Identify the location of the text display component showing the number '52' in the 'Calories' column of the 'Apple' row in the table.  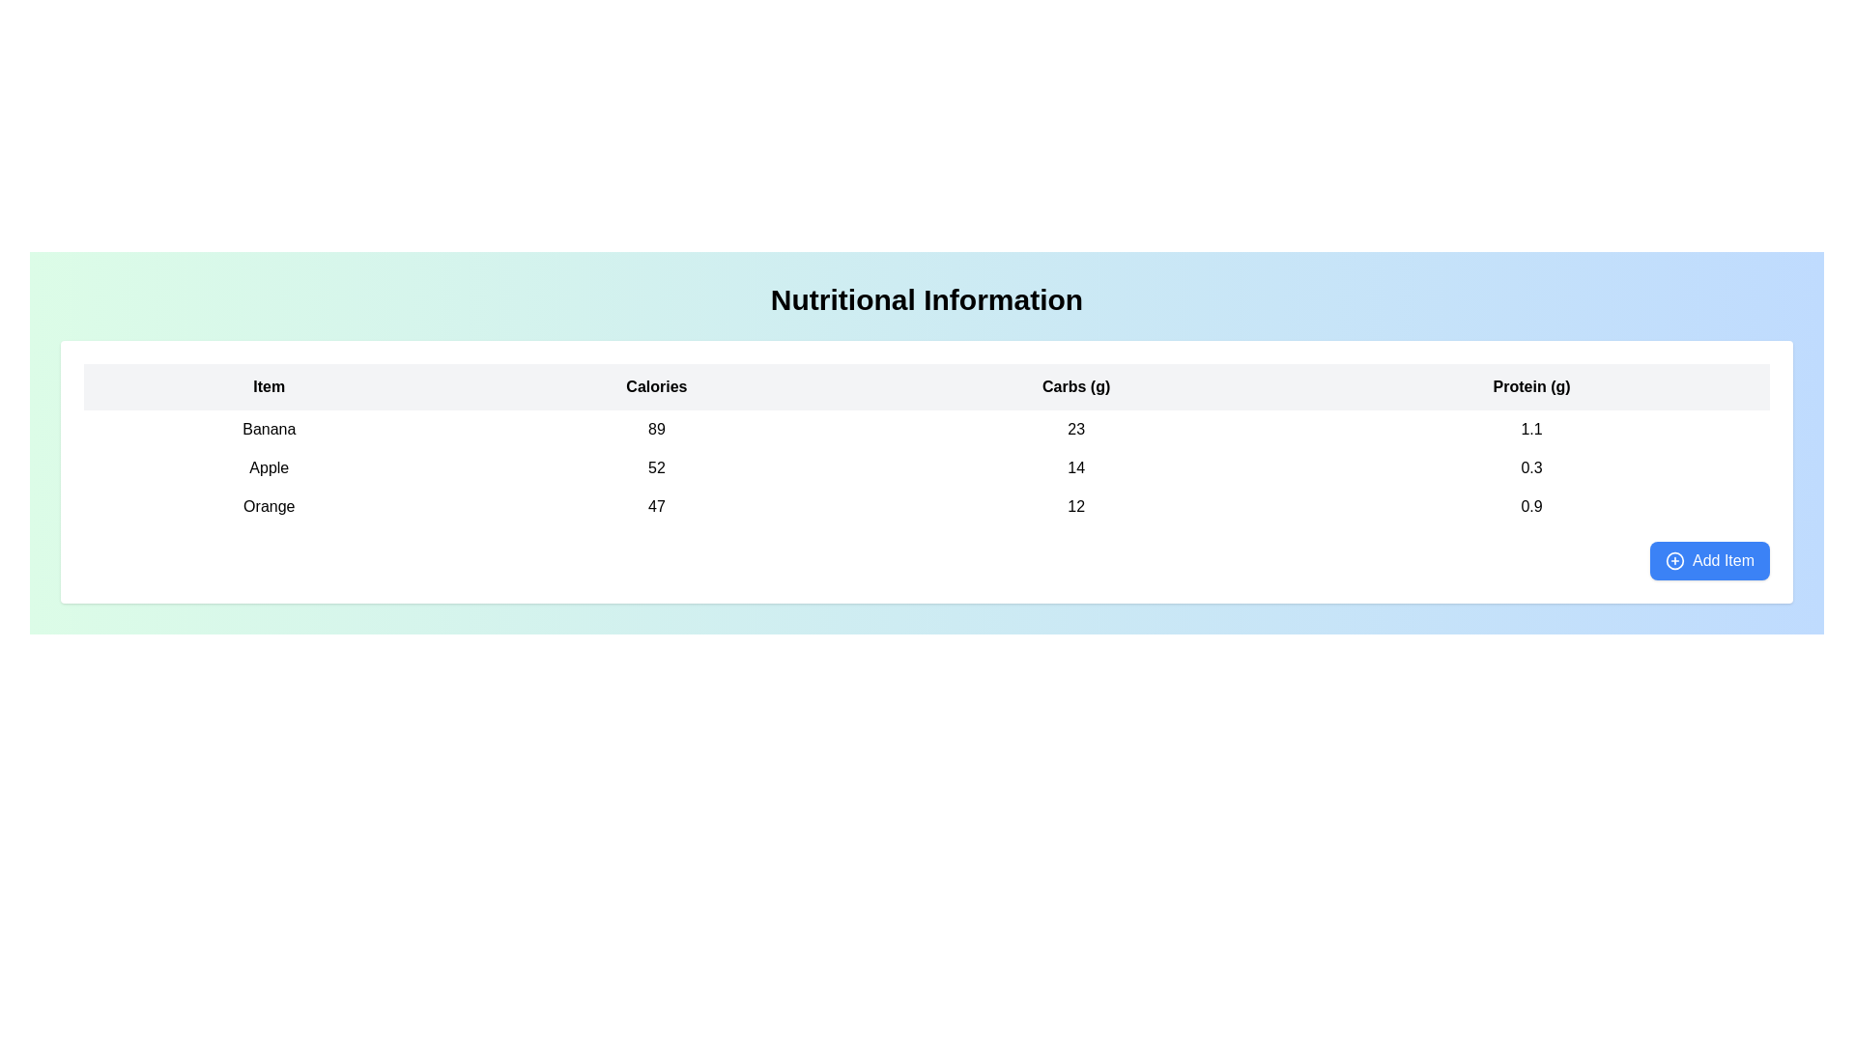
(656, 468).